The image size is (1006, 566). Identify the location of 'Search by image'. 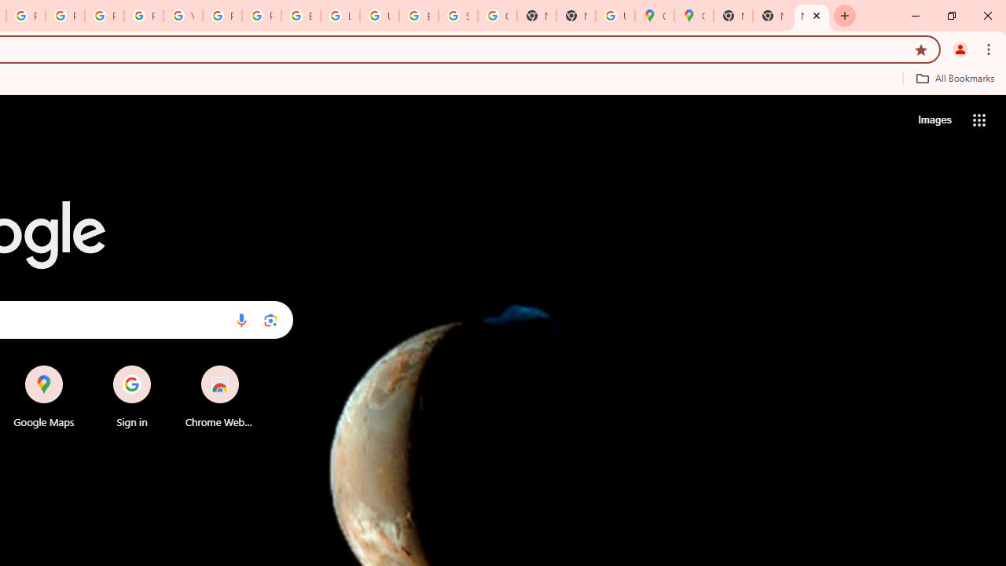
(270, 319).